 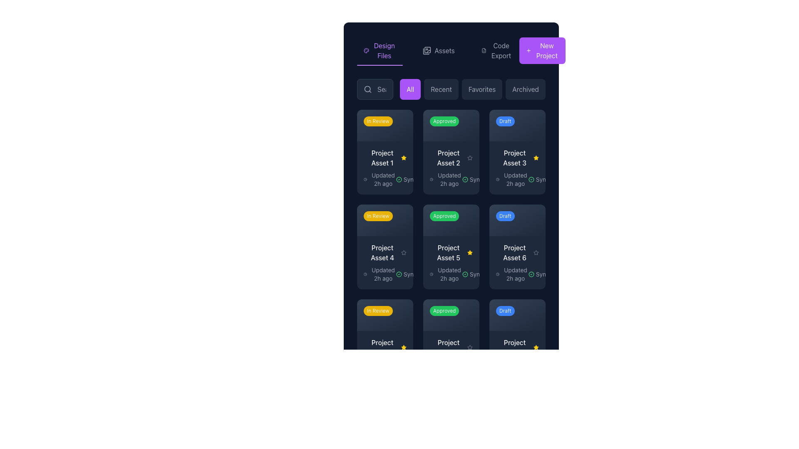 What do you see at coordinates (441, 89) in the screenshot?
I see `the second navigation button from the left, which filters content by 'Recent' items` at bounding box center [441, 89].